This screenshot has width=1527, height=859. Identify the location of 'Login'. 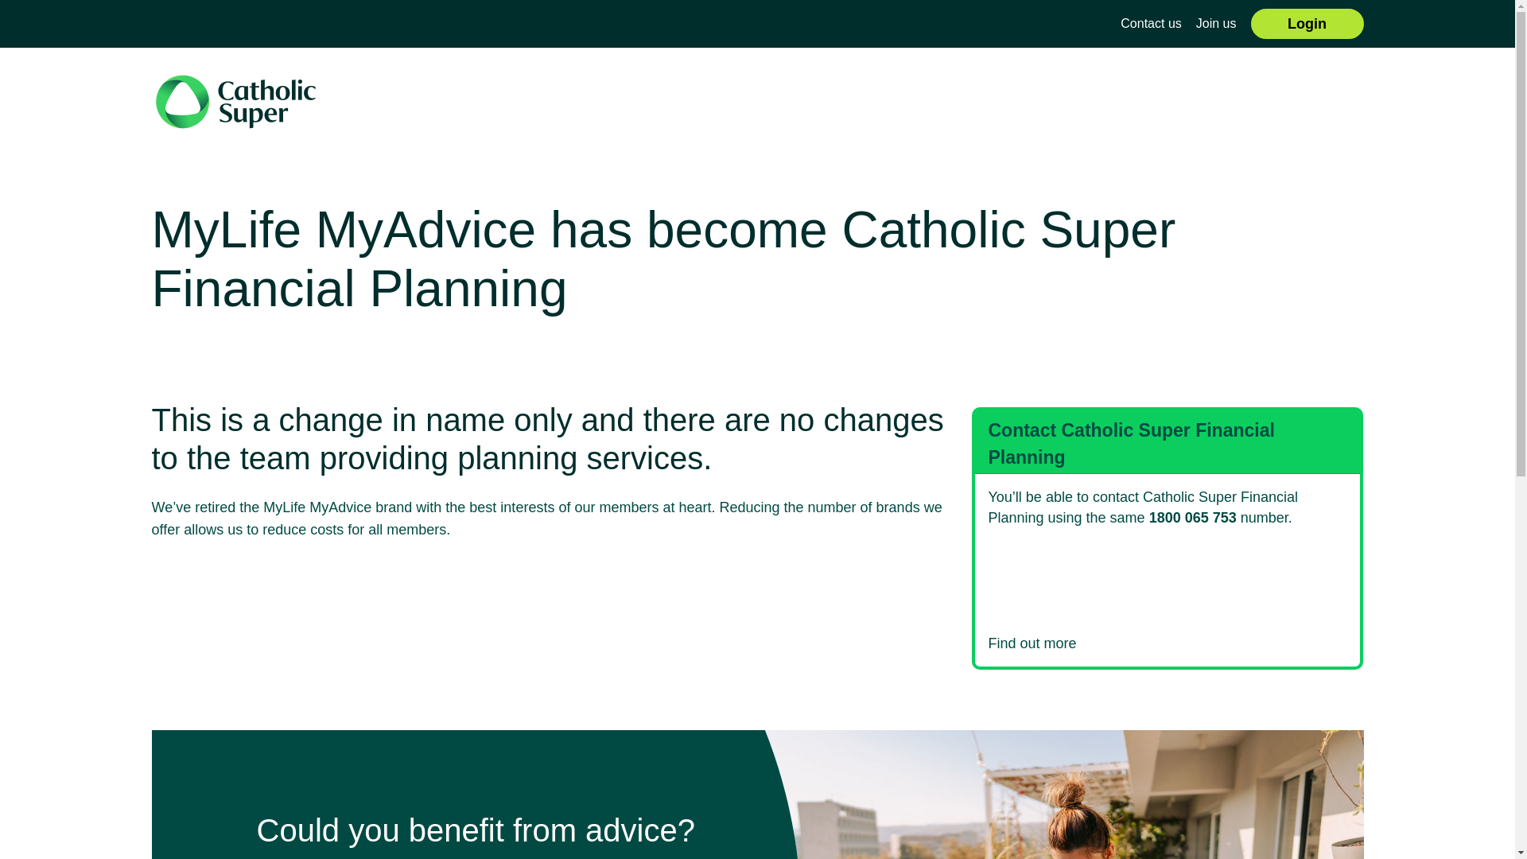
(1307, 24).